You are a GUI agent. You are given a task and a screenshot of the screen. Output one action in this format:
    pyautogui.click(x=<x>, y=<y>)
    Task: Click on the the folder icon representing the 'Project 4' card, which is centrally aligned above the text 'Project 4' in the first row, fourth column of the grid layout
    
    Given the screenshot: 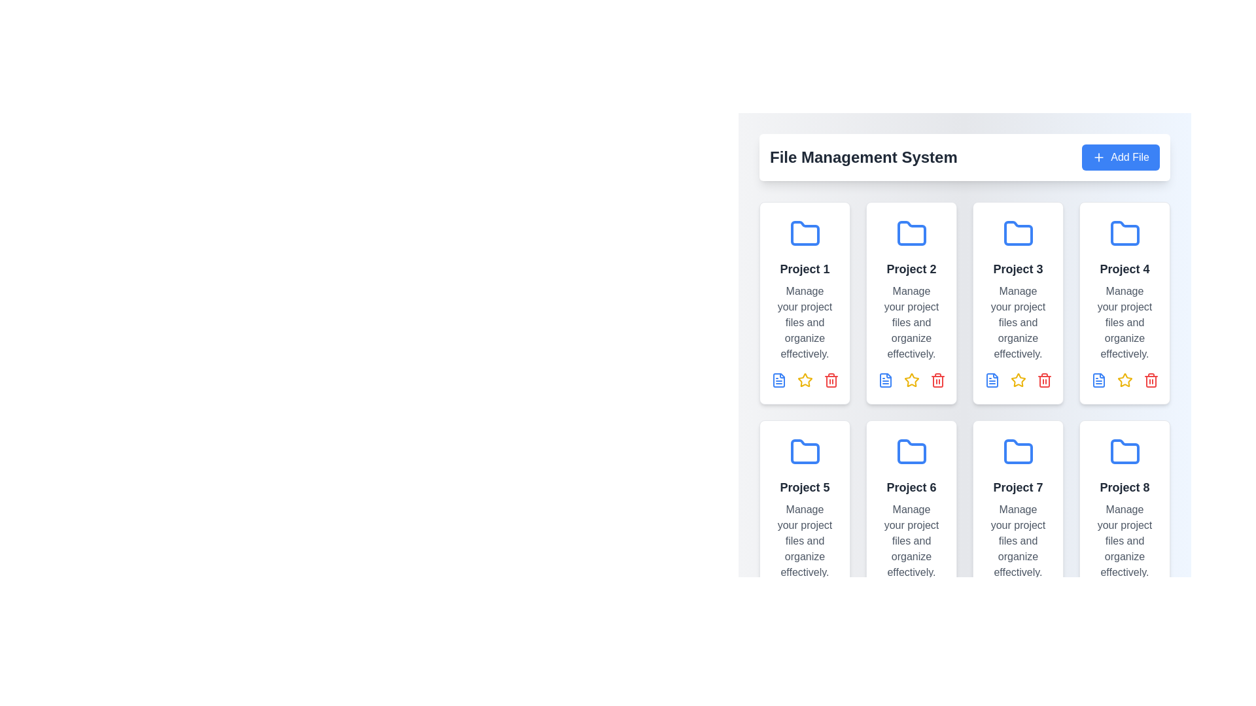 What is the action you would take?
    pyautogui.click(x=1124, y=233)
    